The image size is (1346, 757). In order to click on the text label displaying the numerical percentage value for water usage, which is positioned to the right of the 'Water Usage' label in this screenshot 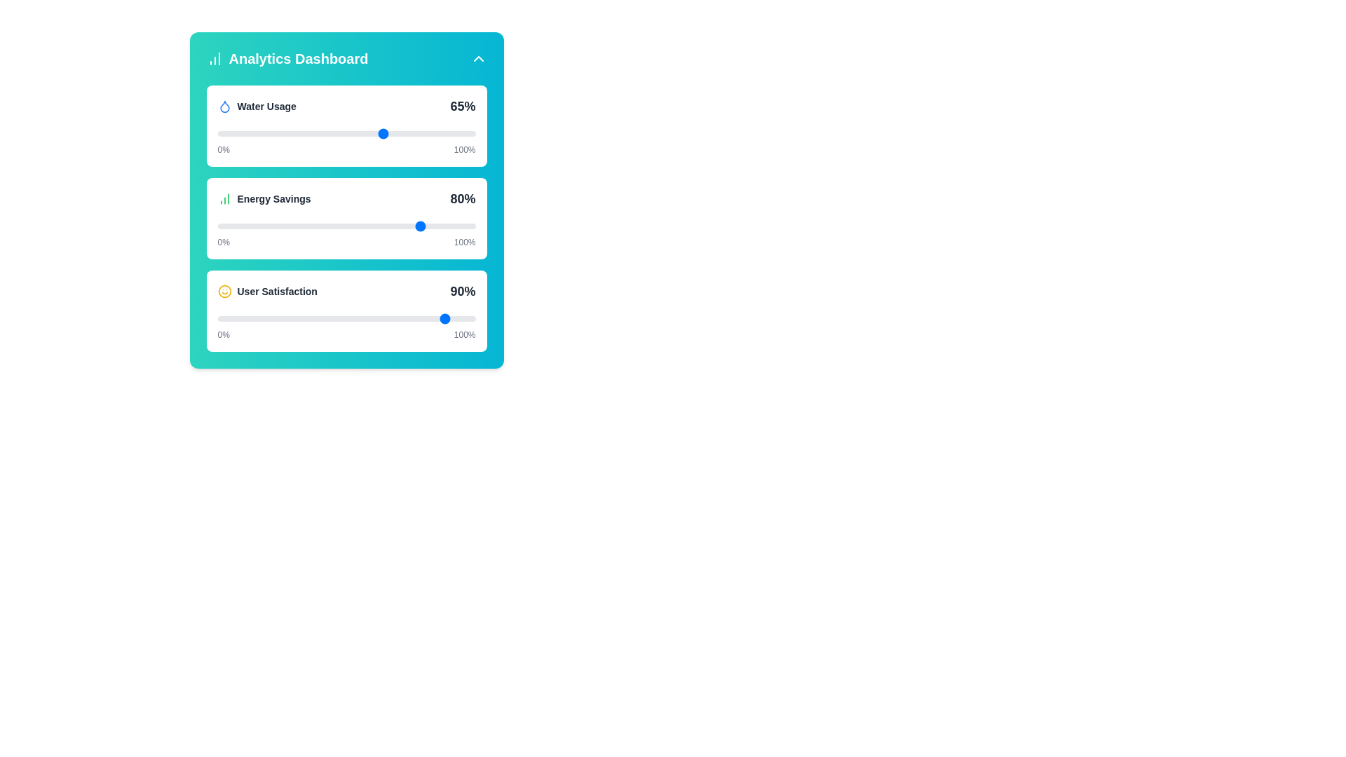, I will do `click(463, 105)`.